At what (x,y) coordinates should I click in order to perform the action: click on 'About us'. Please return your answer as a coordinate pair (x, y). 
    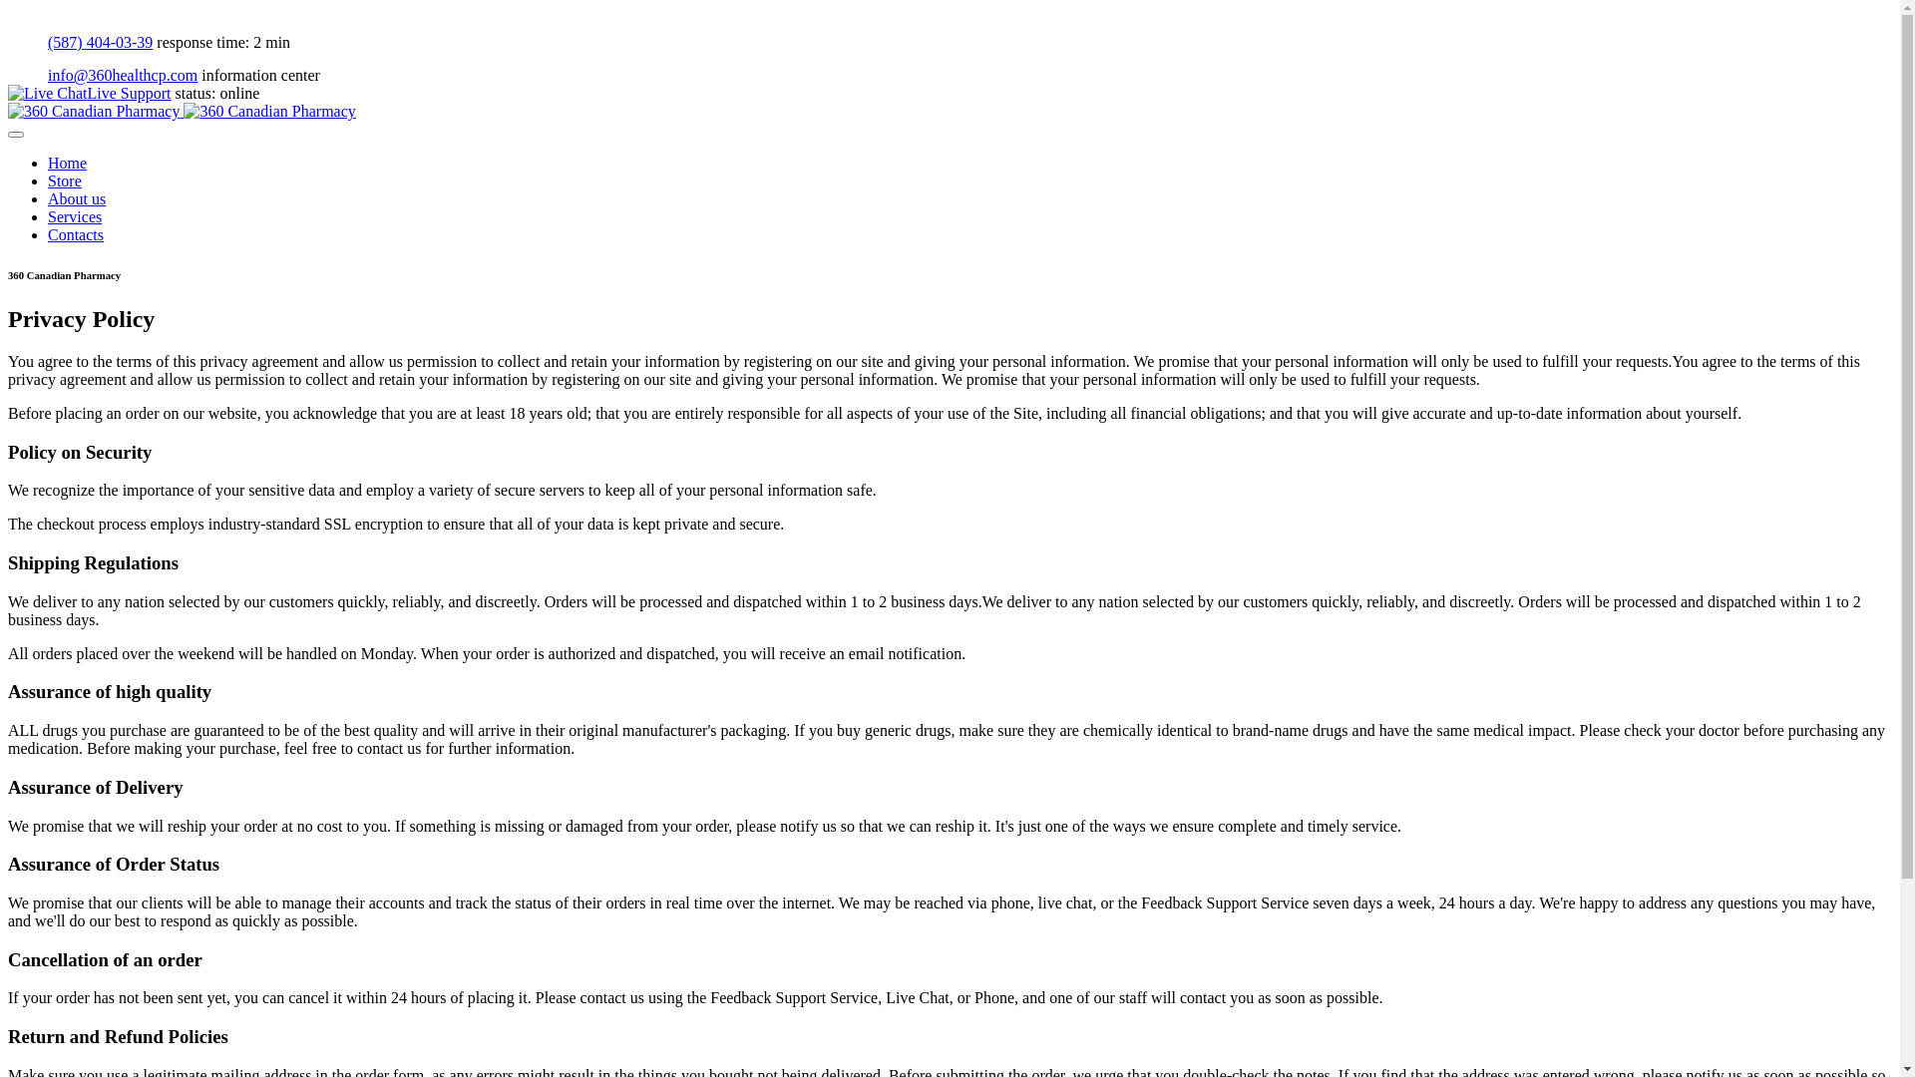
    Looking at the image, I should click on (76, 198).